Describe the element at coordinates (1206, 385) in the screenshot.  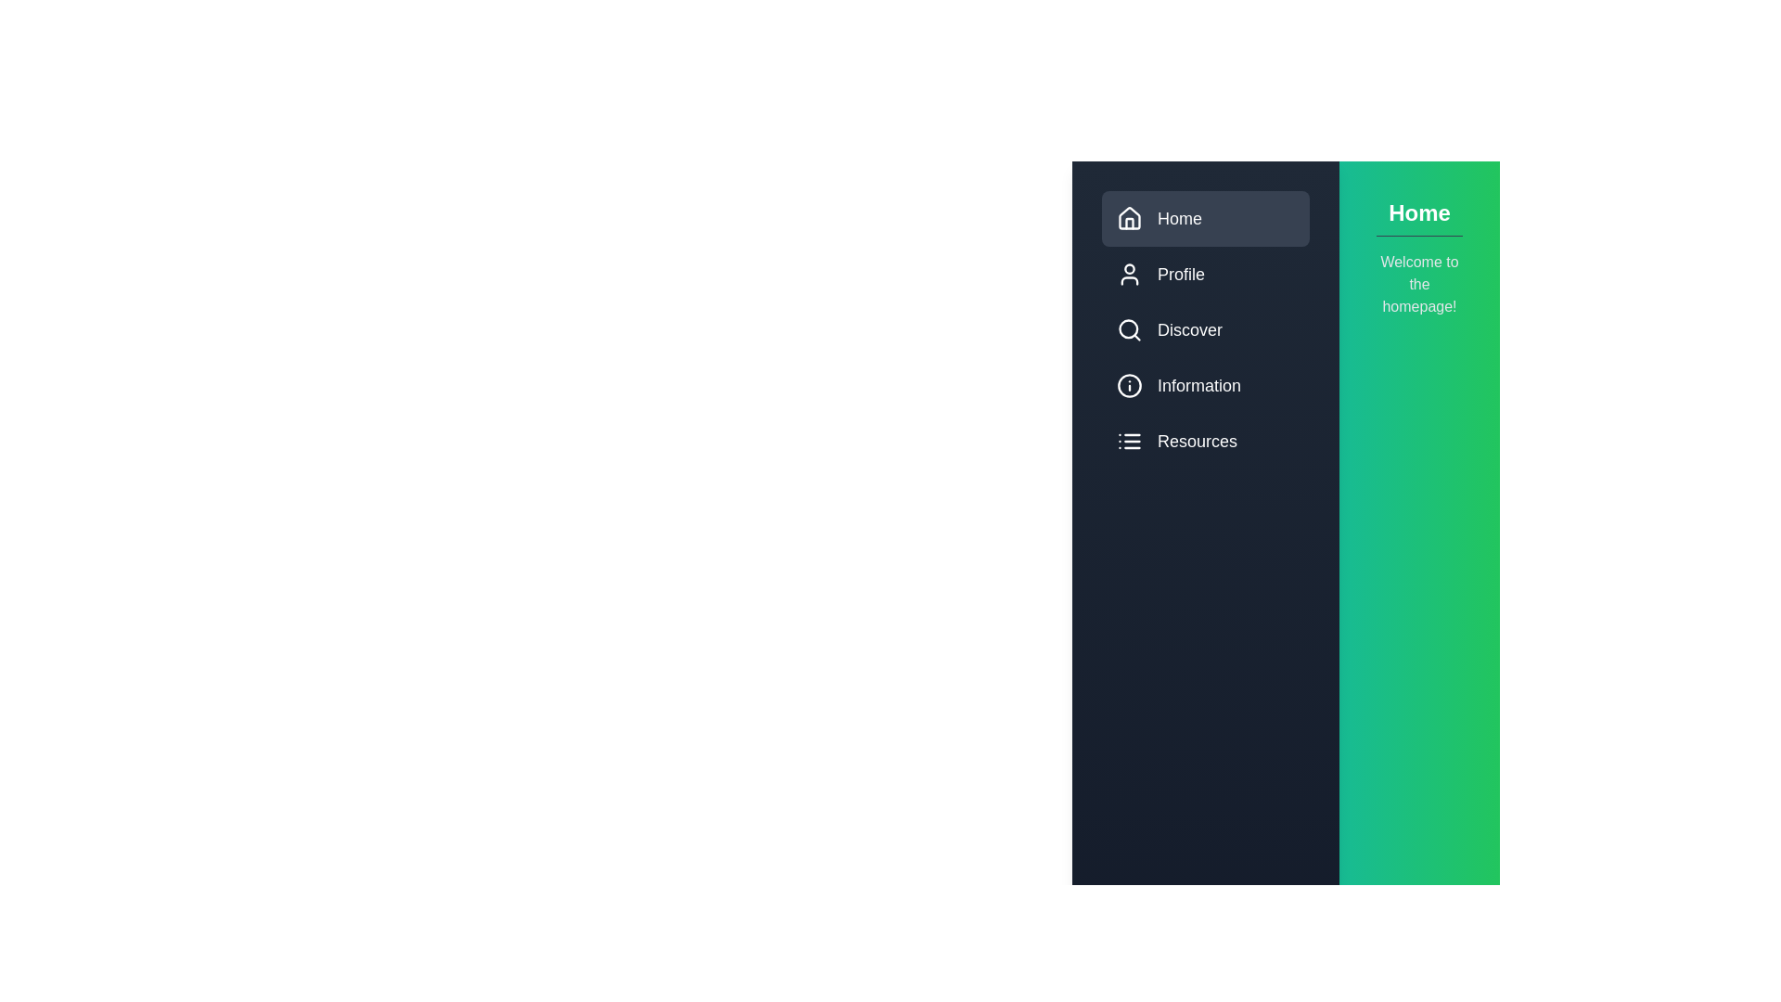
I see `the menu item Information to preview its interaction` at that location.